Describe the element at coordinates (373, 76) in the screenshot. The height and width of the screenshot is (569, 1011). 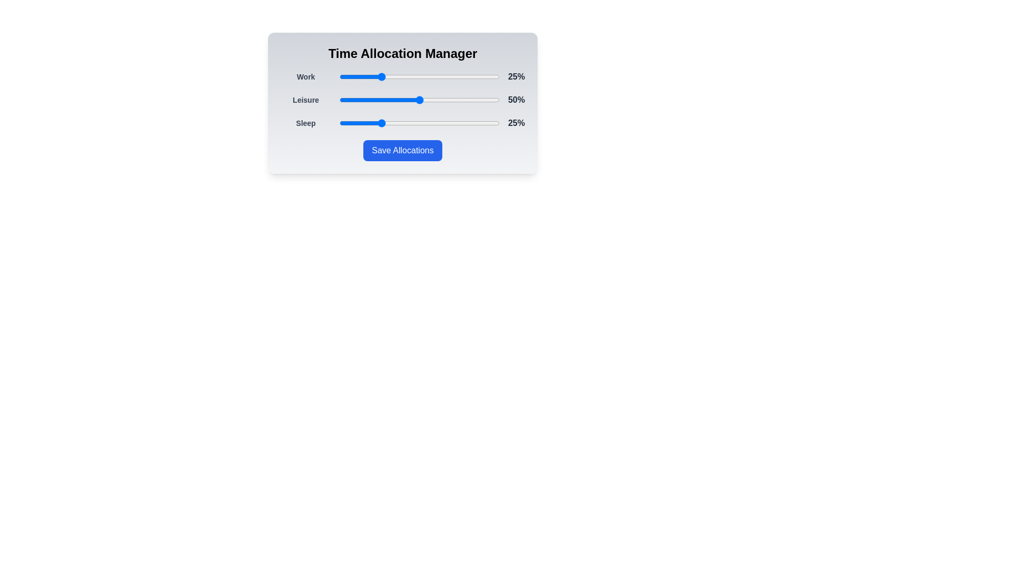
I see `the Work slider to 21%` at that location.